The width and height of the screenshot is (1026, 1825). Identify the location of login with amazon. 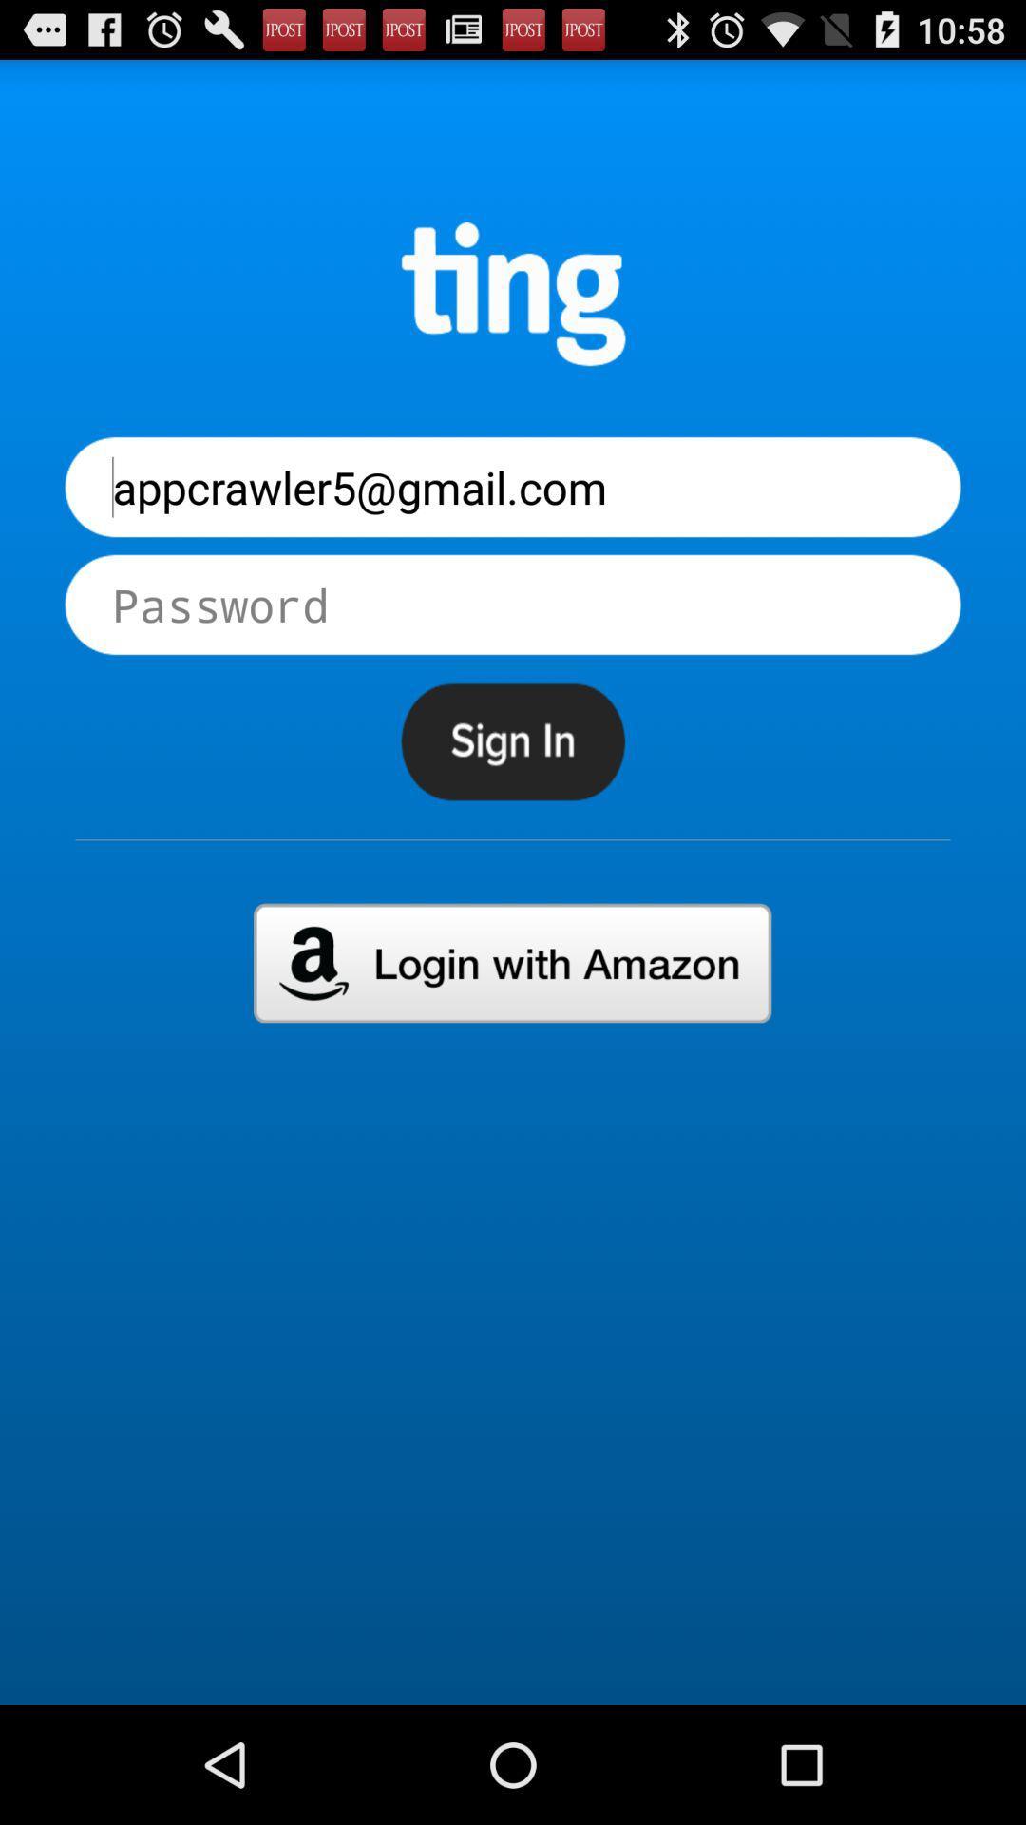
(511, 963).